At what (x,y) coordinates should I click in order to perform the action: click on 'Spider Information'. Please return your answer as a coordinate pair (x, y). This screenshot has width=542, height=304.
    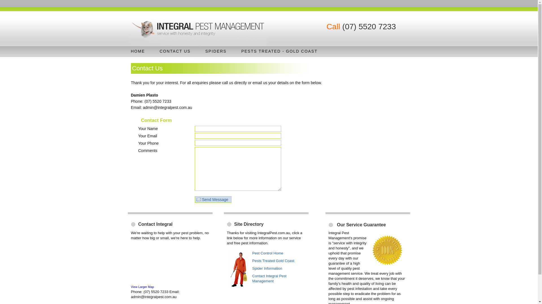
    Looking at the image, I should click on (267, 268).